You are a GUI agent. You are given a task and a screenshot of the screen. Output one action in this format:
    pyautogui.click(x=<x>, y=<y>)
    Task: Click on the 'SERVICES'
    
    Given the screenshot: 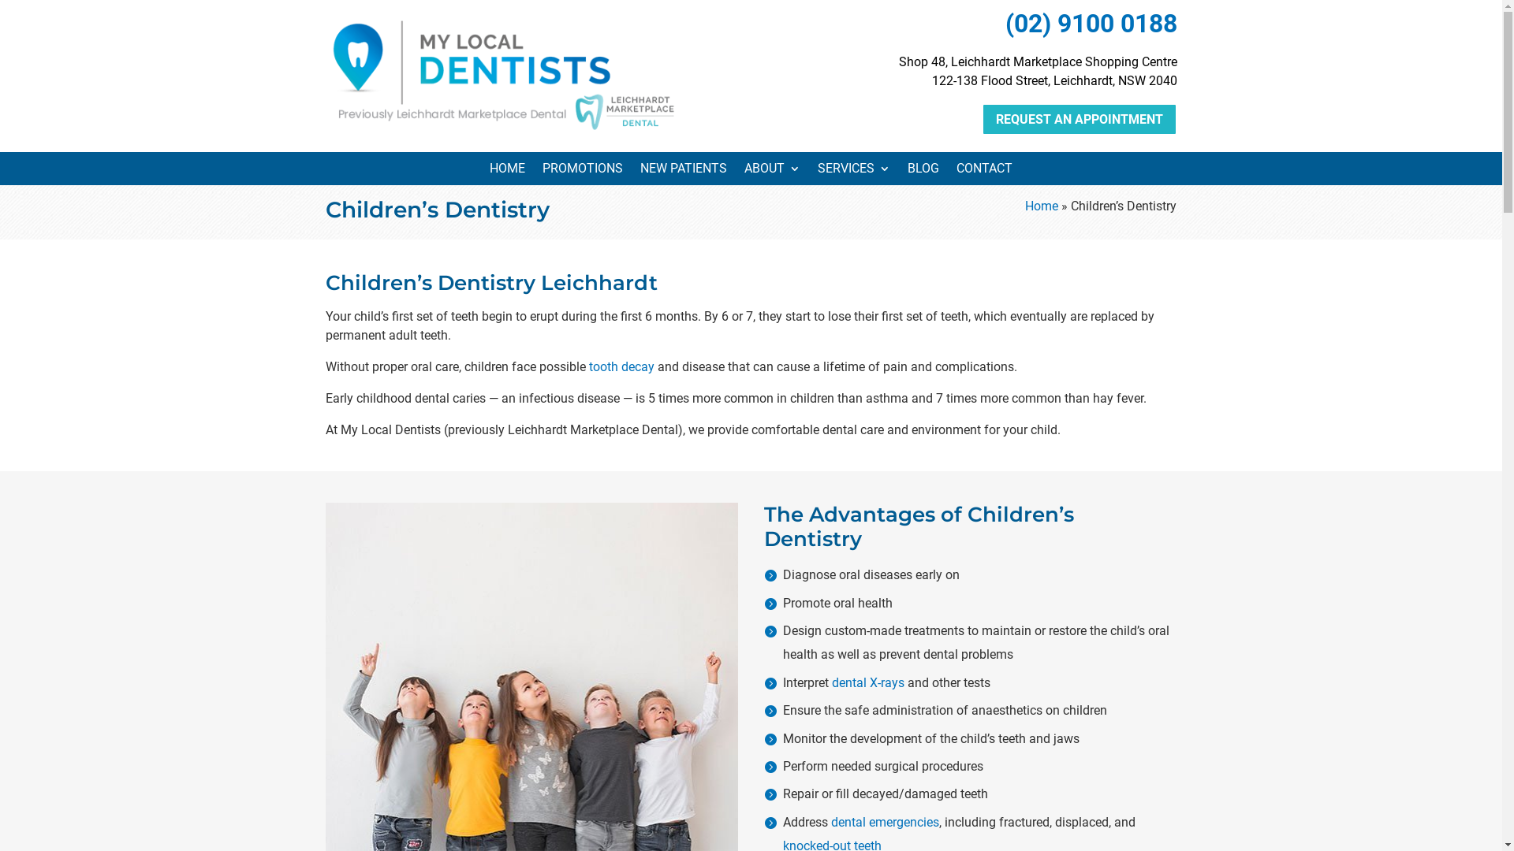 What is the action you would take?
    pyautogui.click(x=853, y=172)
    